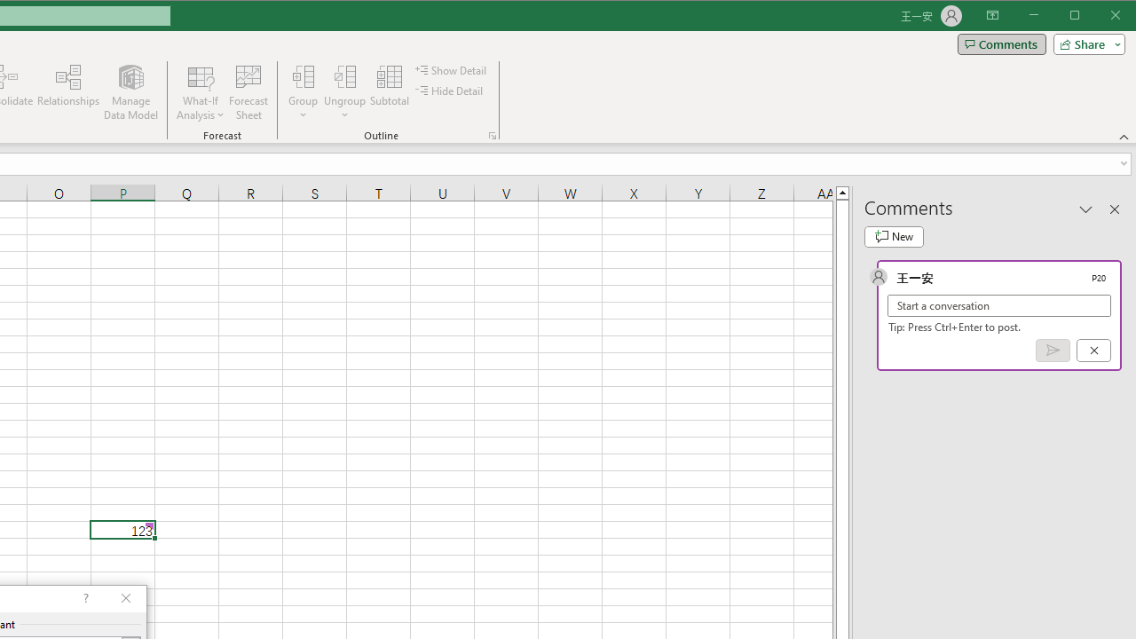 The image size is (1136, 639). I want to click on 'Task Pane Options', so click(1085, 208).